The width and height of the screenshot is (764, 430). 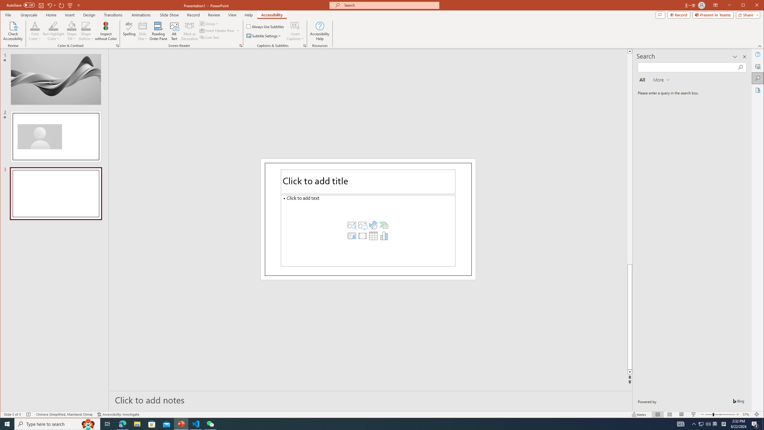 What do you see at coordinates (320, 31) in the screenshot?
I see `'Accessibility Help'` at bounding box center [320, 31].